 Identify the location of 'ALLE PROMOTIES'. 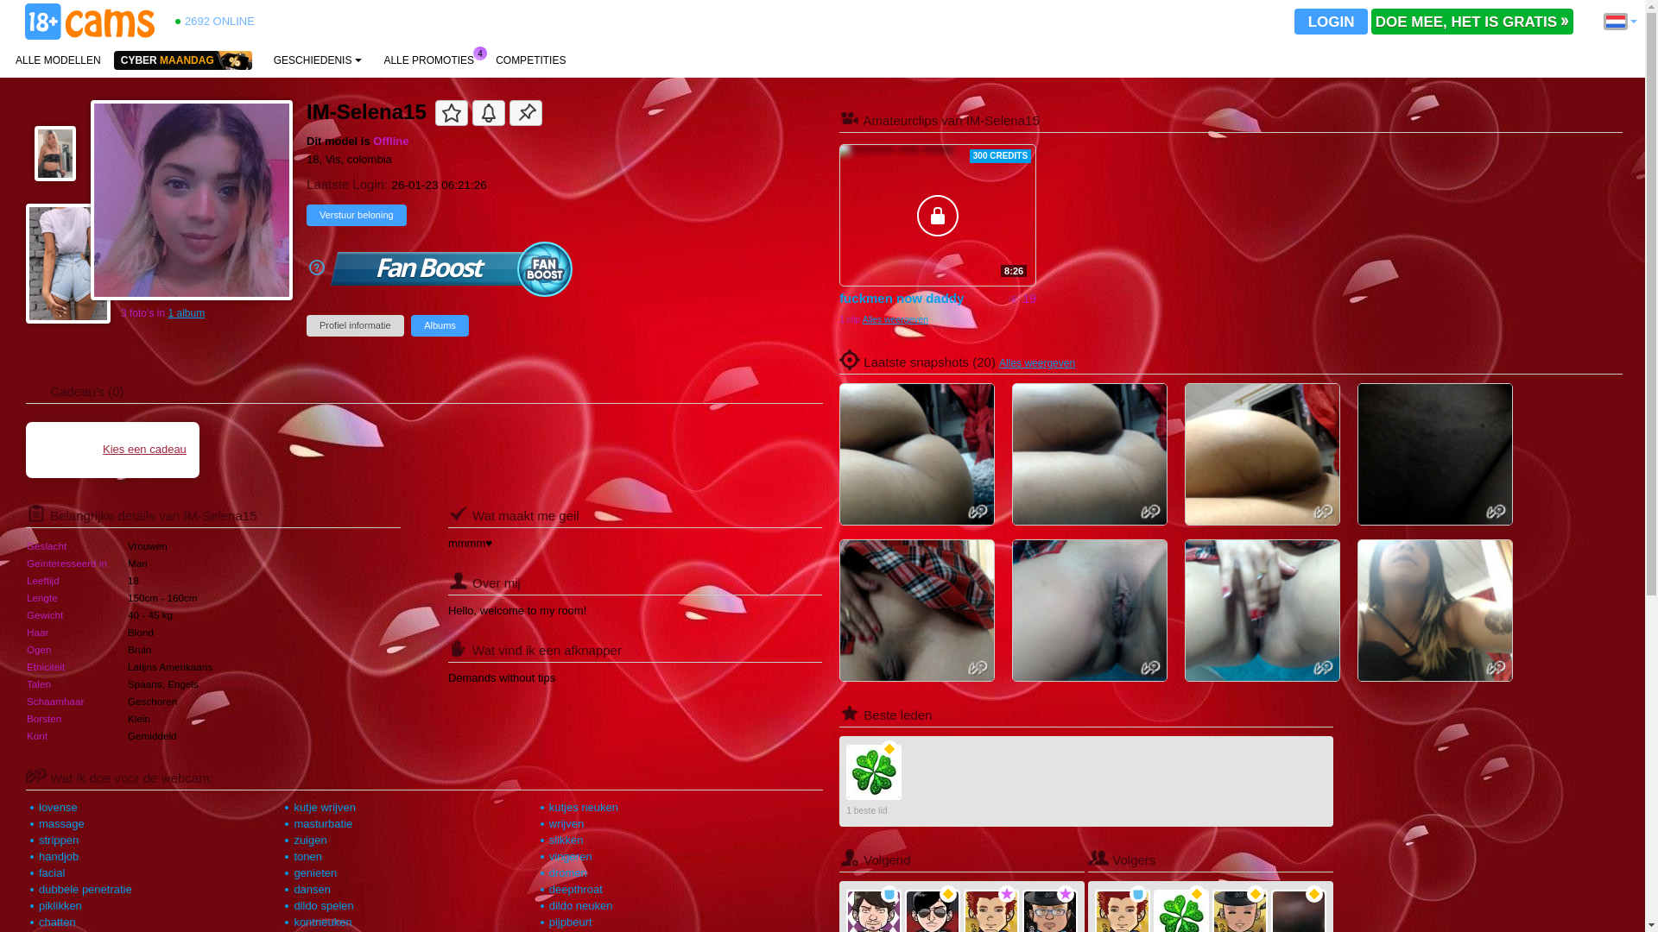
(428, 59).